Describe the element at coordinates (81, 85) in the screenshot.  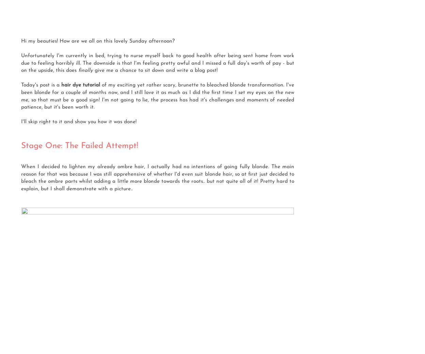
I see `'hair dye tutorial'` at that location.